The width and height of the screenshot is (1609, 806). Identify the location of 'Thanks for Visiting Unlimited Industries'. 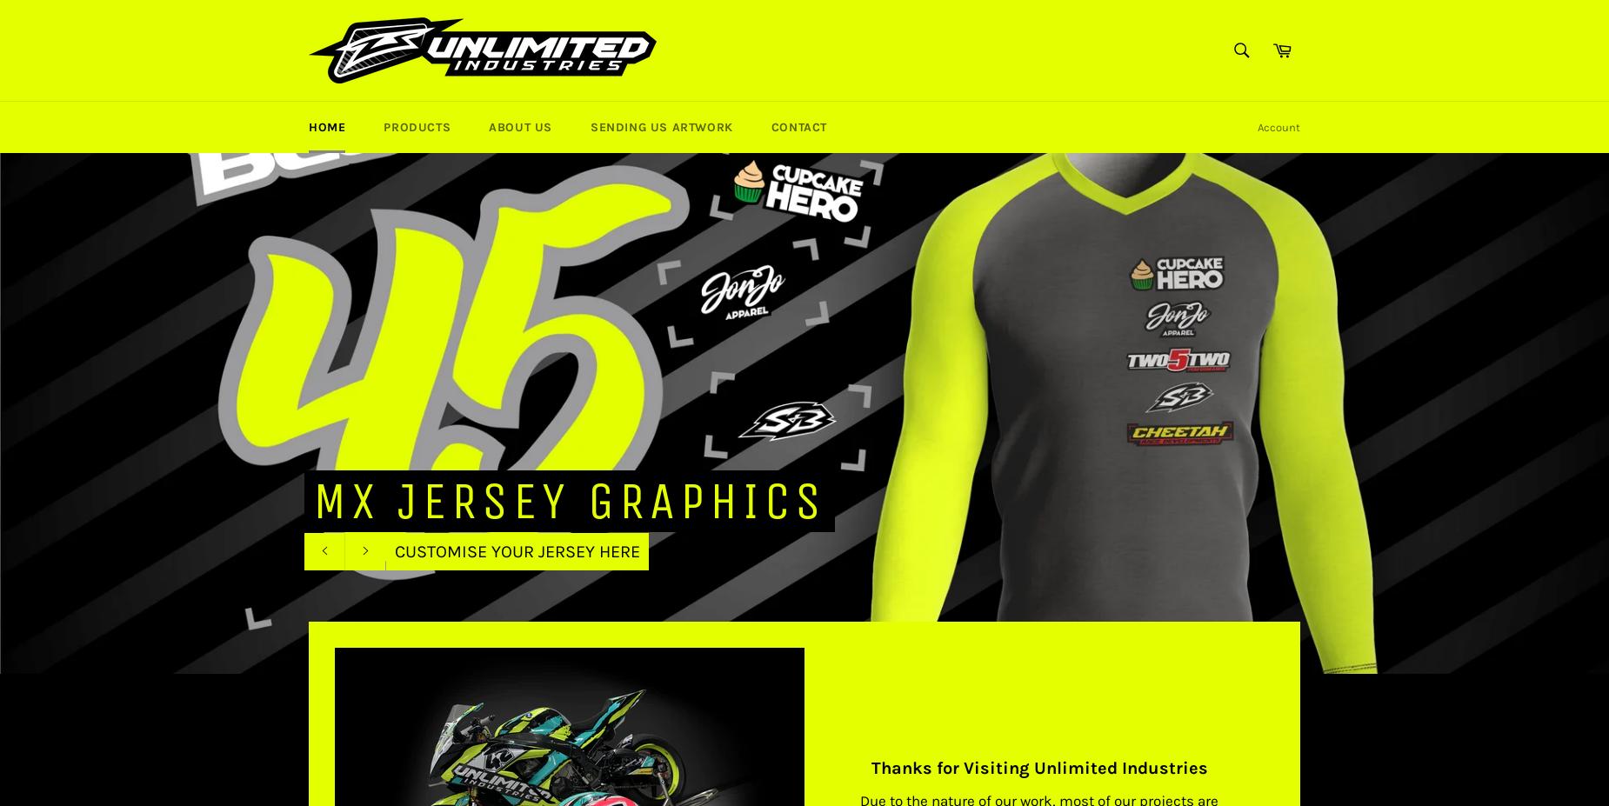
(1038, 768).